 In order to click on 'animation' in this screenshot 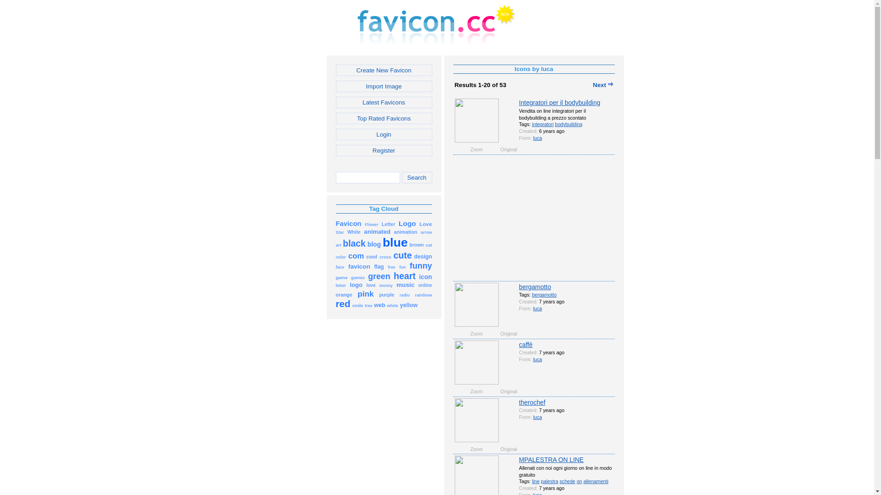, I will do `click(405, 231)`.